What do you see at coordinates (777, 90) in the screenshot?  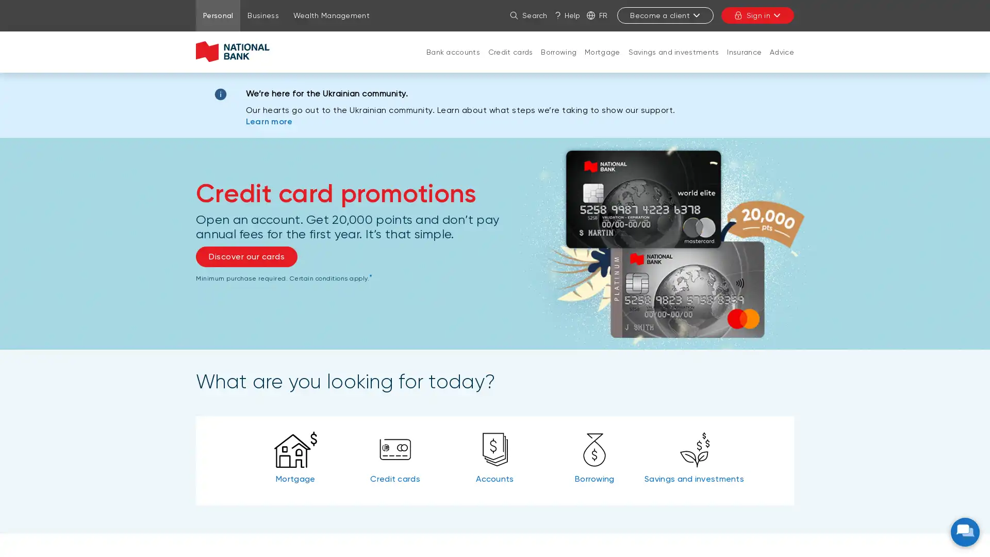 I see `CLOSE` at bounding box center [777, 90].